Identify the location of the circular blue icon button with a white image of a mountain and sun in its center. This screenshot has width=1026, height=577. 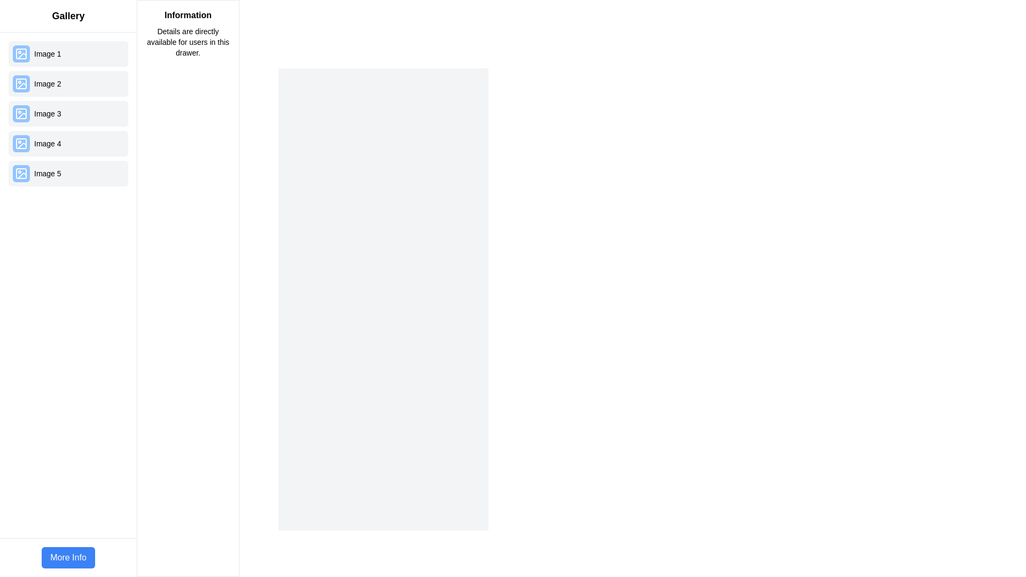
(21, 113).